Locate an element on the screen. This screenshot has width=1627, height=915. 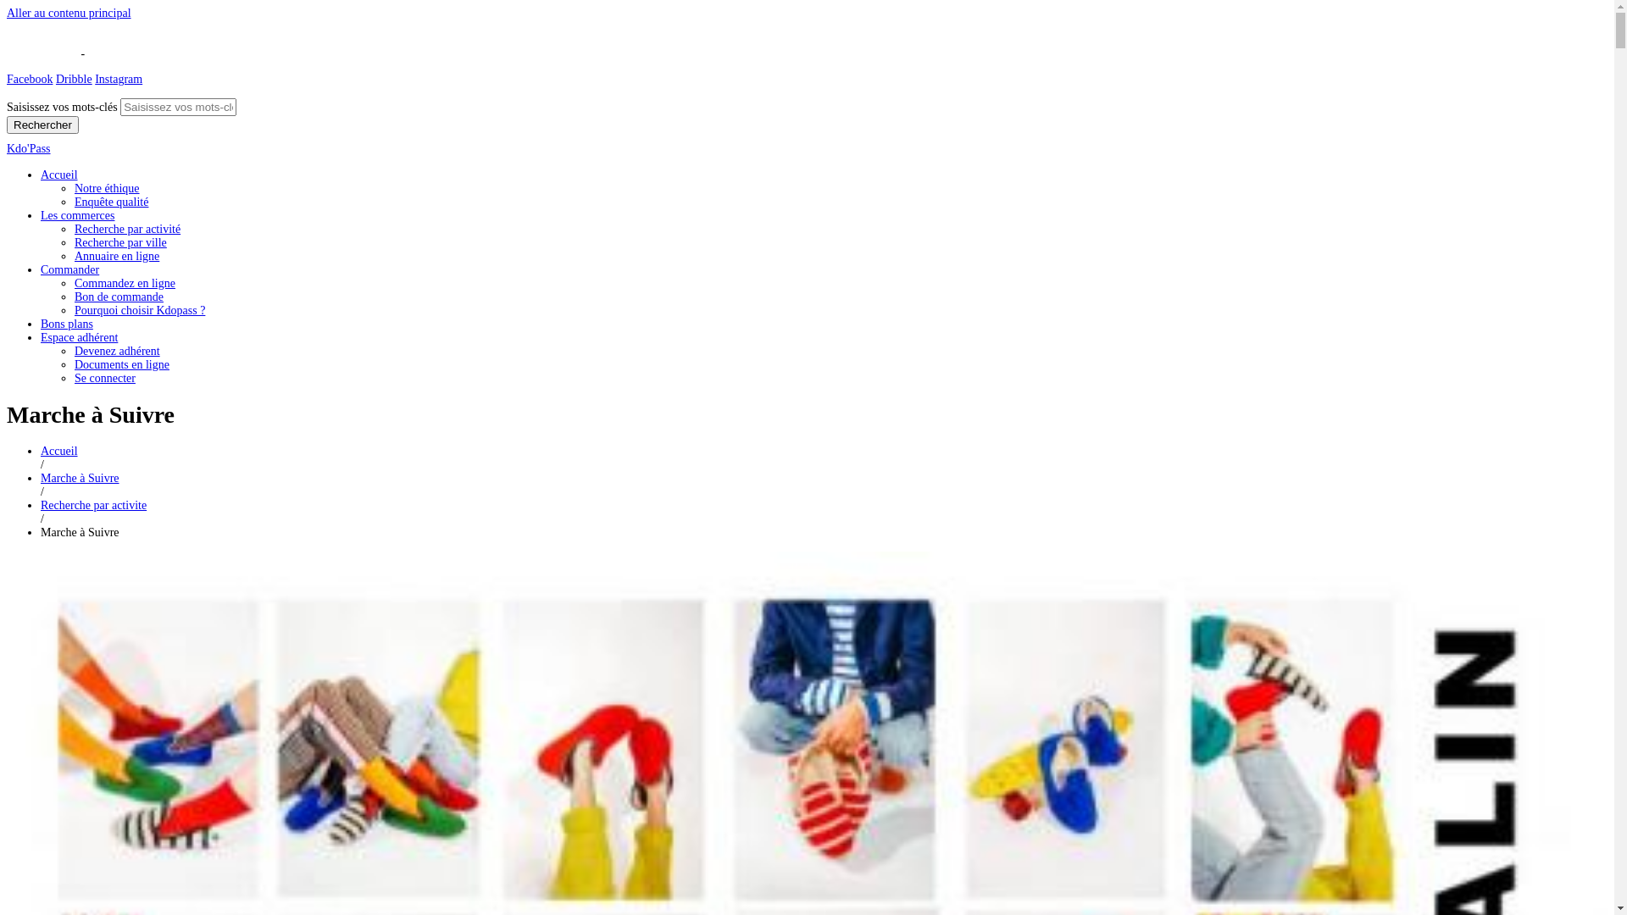
'Commandez en ligne' is located at coordinates (124, 282).